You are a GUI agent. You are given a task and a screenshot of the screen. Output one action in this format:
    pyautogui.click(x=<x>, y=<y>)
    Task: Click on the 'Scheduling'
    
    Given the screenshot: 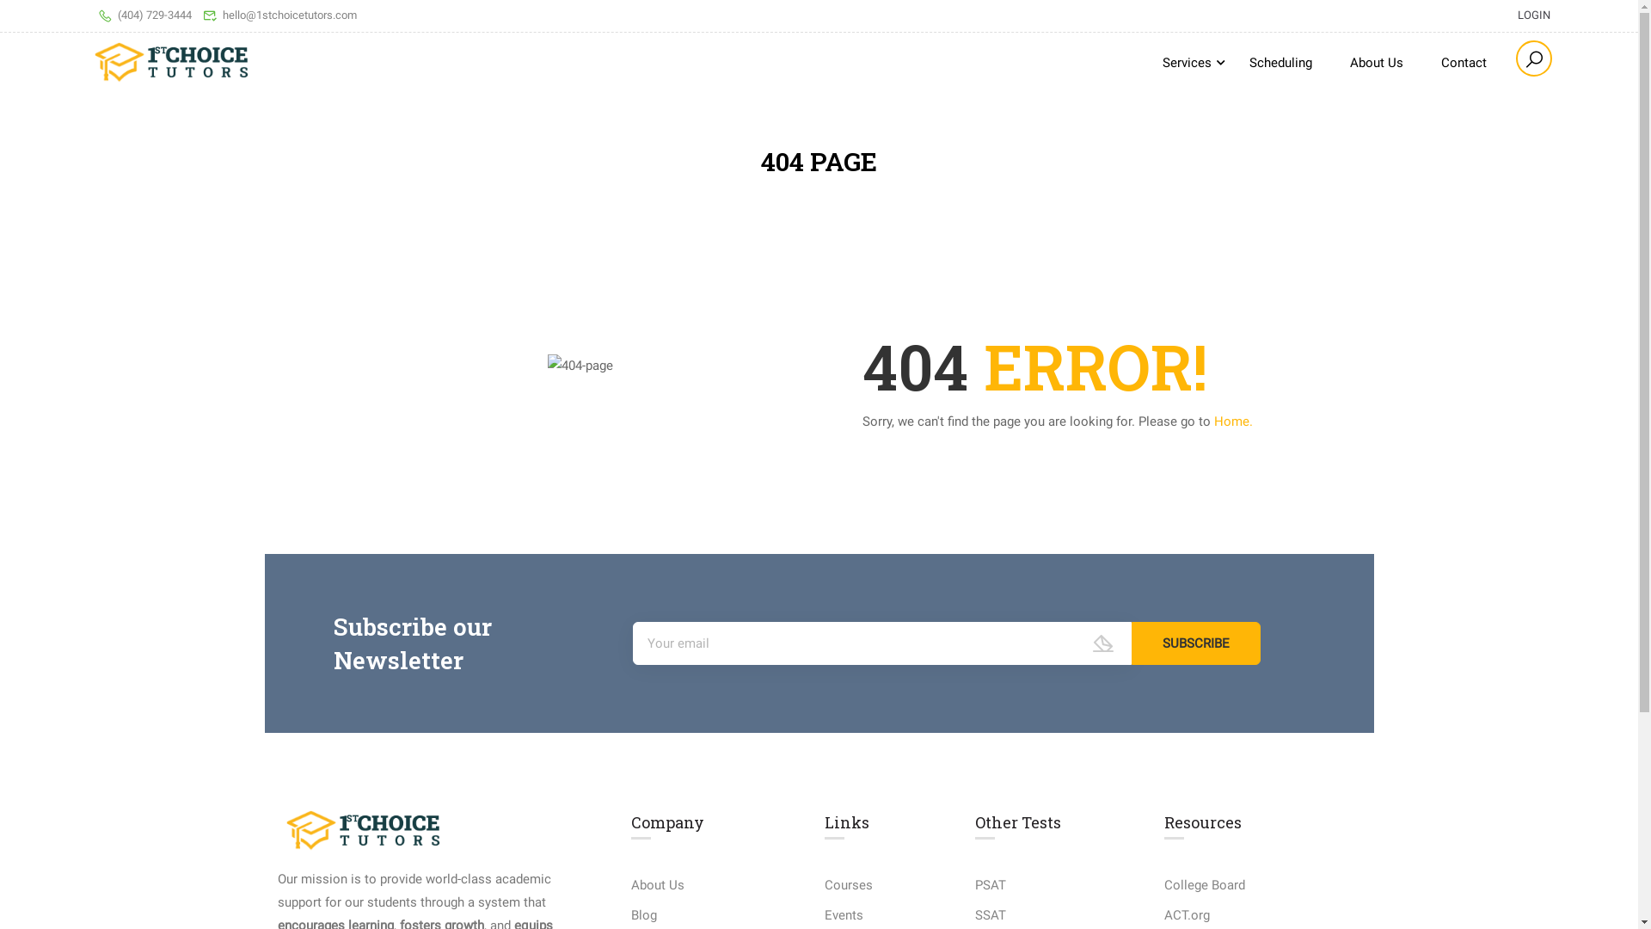 What is the action you would take?
    pyautogui.click(x=1280, y=61)
    